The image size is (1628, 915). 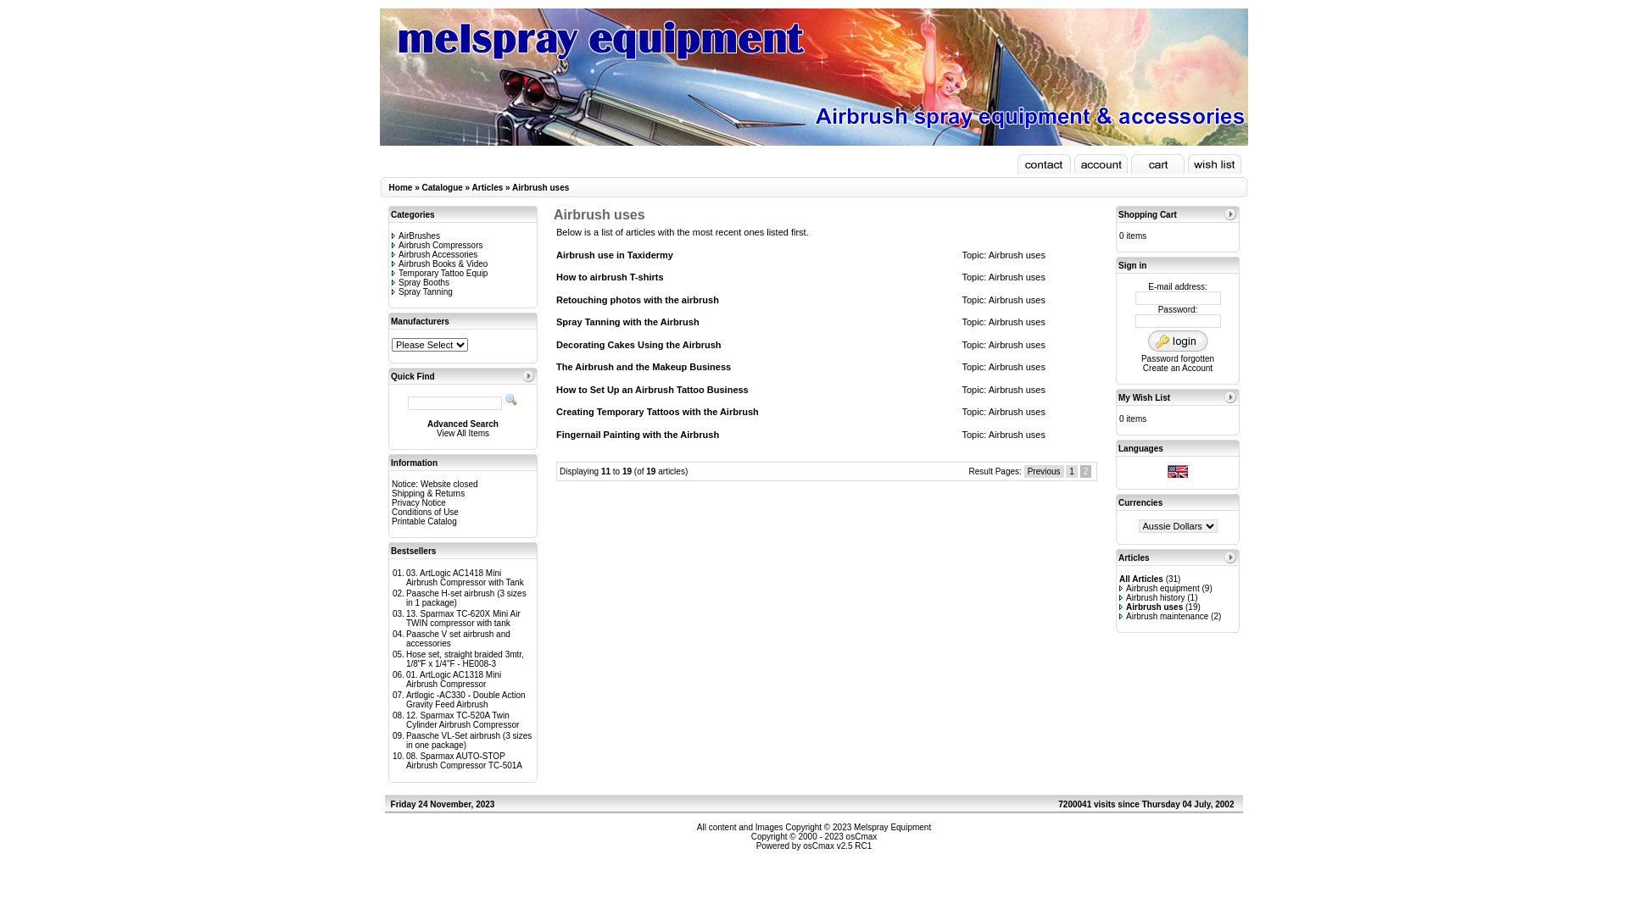 I want to click on 'Airbrush use in Taxidermy', so click(x=613, y=254).